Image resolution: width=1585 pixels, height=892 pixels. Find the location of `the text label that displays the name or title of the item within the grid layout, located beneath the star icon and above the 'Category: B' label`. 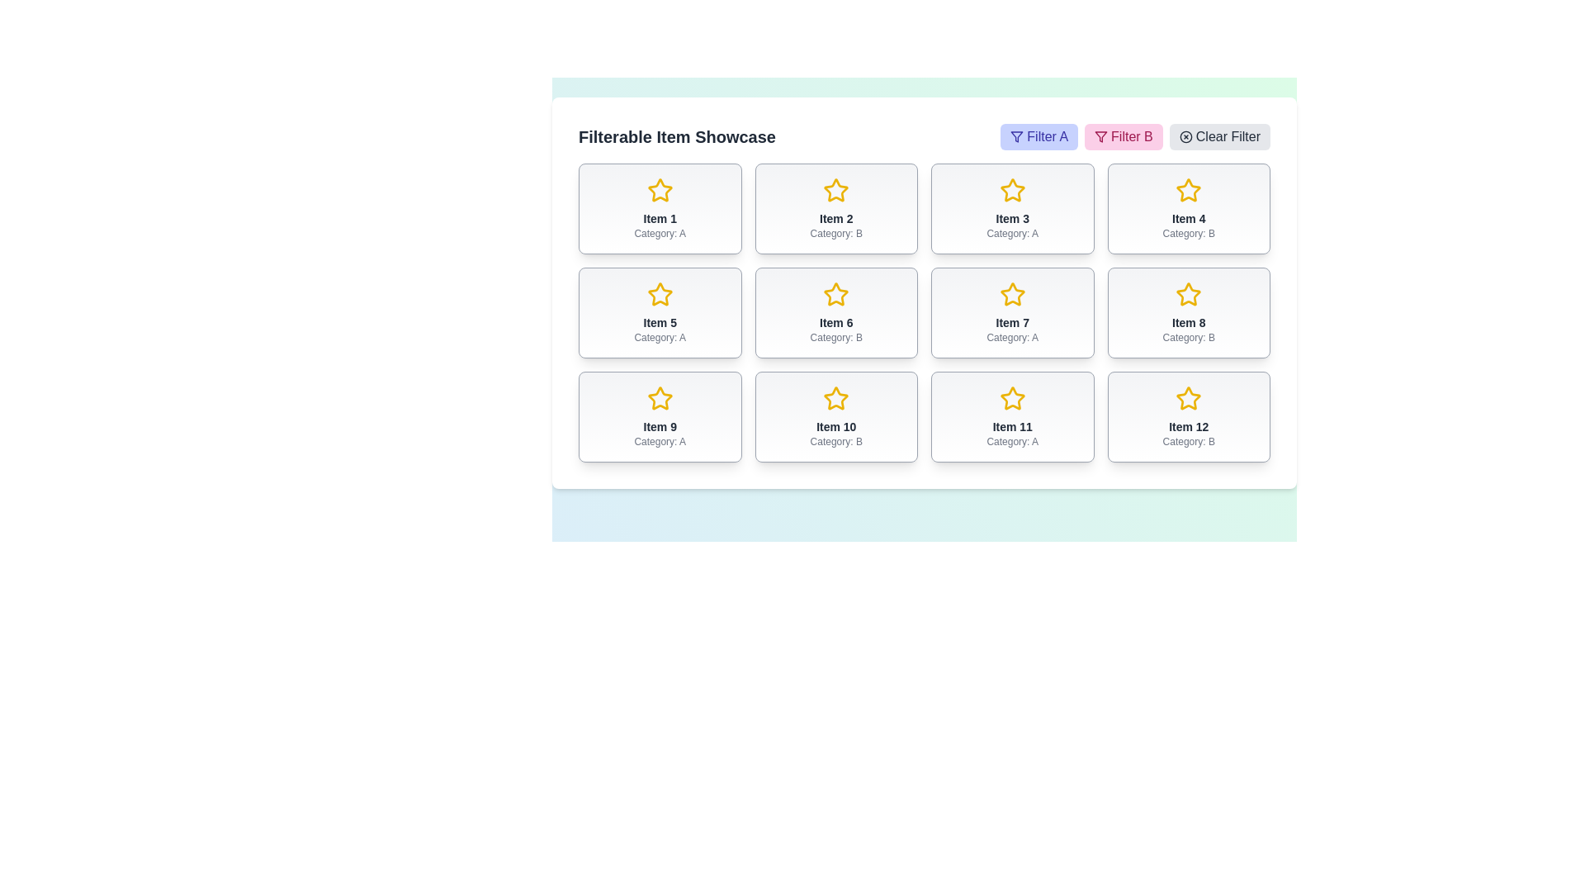

the text label that displays the name or title of the item within the grid layout, located beneath the star icon and above the 'Category: B' label is located at coordinates (836, 322).